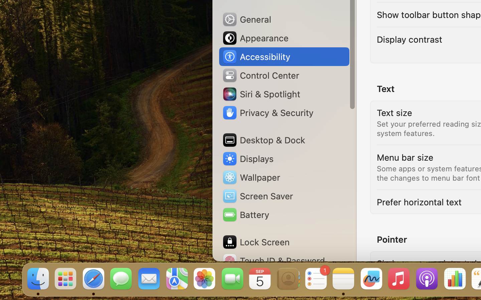  Describe the element at coordinates (274, 260) in the screenshot. I see `'Touch ID & Password'` at that location.